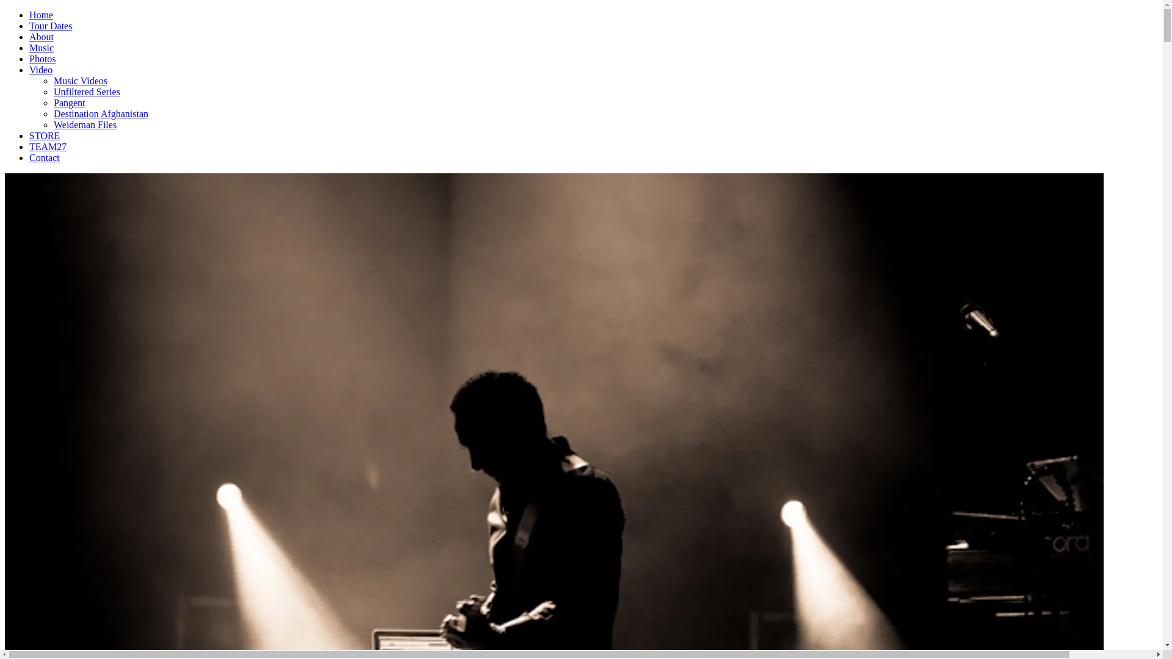  What do you see at coordinates (101, 113) in the screenshot?
I see `'Destination Afghanistan'` at bounding box center [101, 113].